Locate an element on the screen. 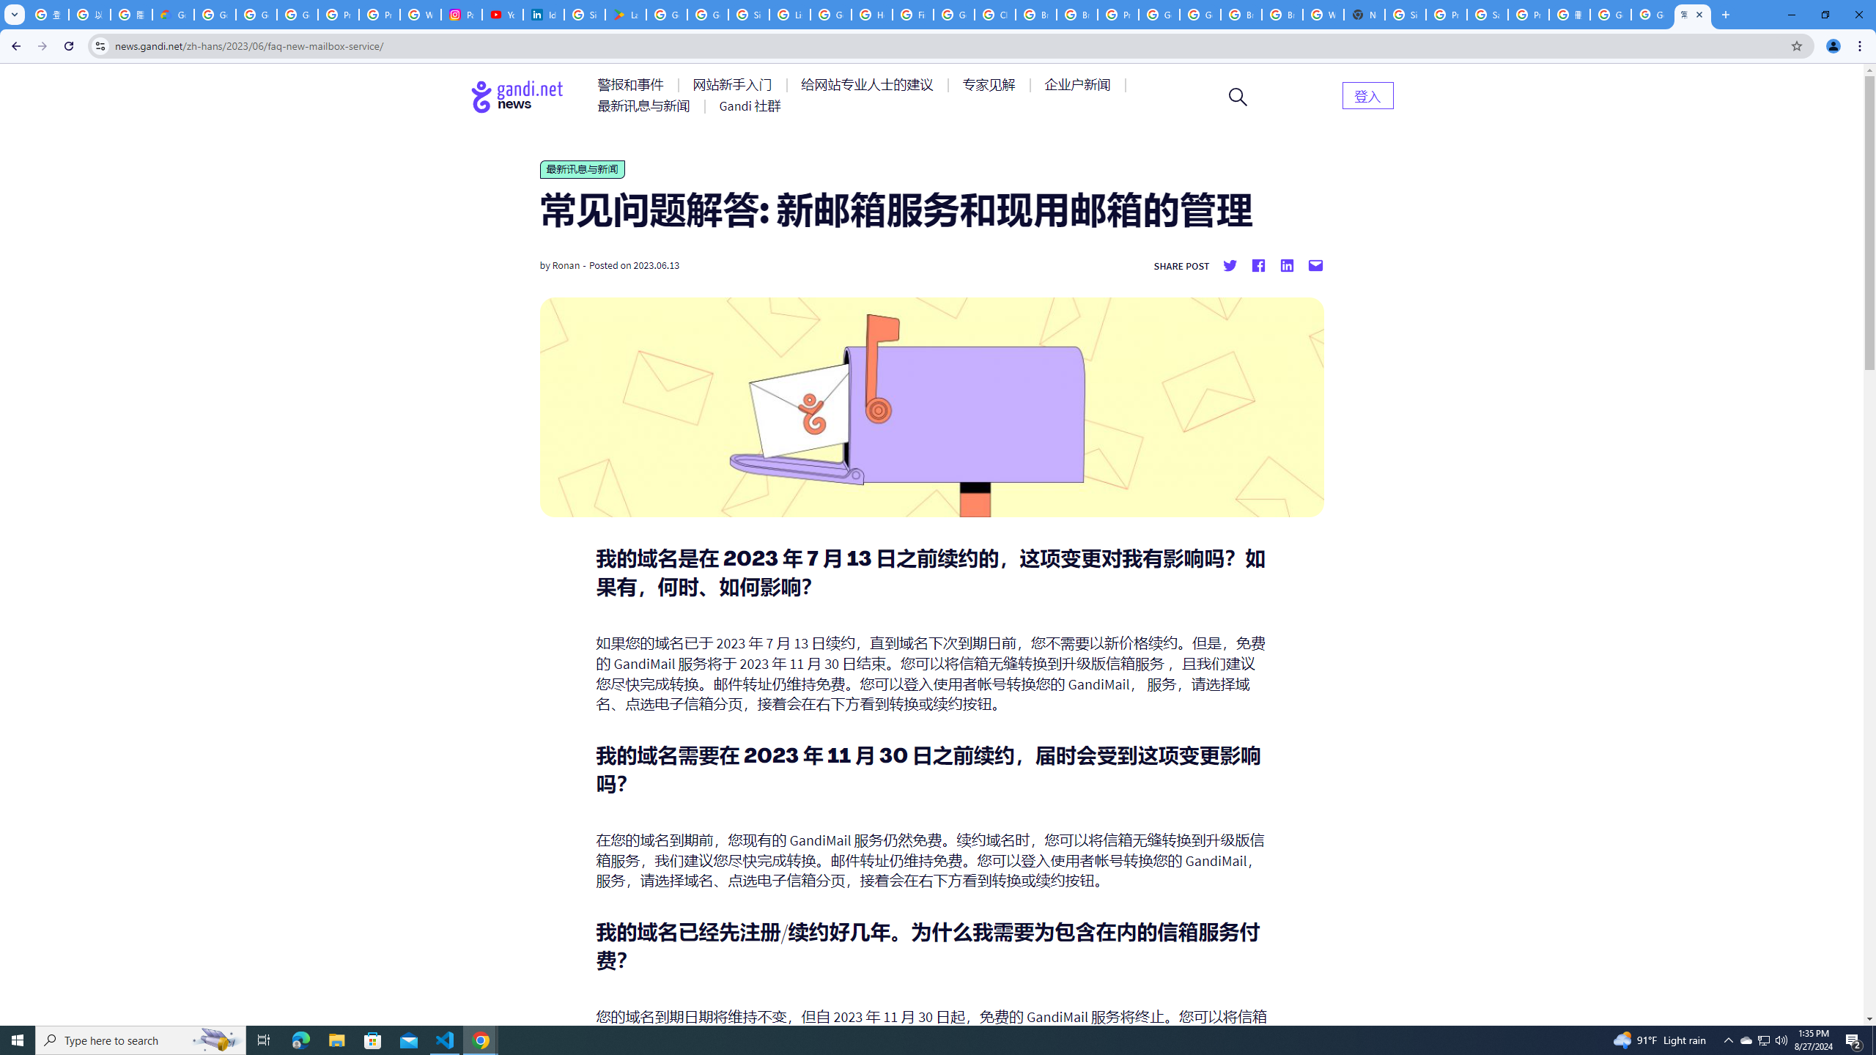  'Browse Chrome as a guest - Computer - Google Chrome Help' is located at coordinates (1240, 14).